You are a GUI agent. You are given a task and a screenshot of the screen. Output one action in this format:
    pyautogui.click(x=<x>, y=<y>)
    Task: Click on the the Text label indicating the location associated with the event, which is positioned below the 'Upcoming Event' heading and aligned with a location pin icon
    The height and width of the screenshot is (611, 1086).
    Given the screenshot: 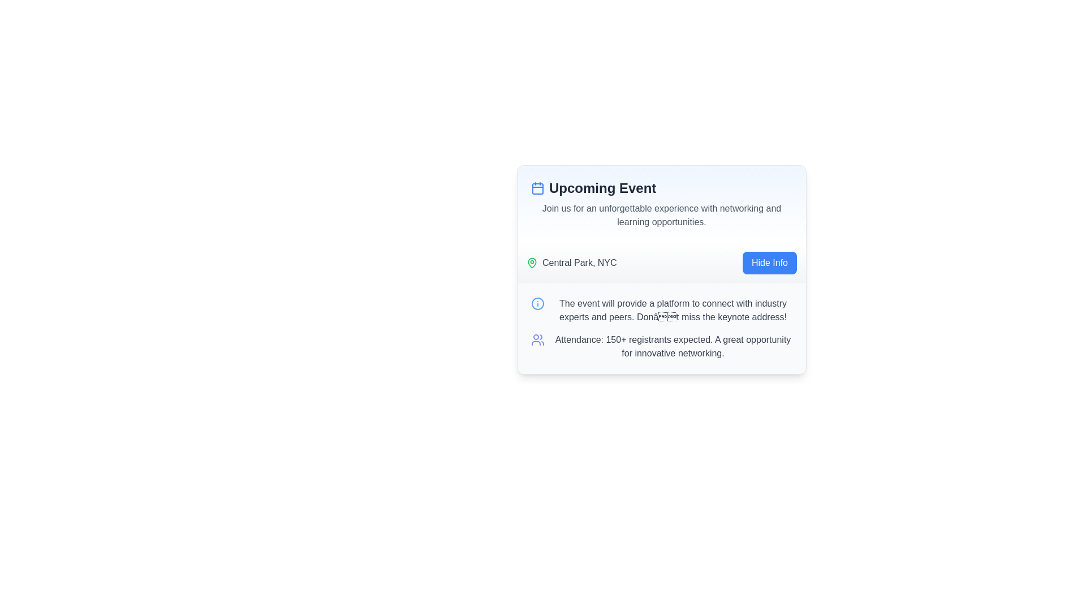 What is the action you would take?
    pyautogui.click(x=579, y=263)
    